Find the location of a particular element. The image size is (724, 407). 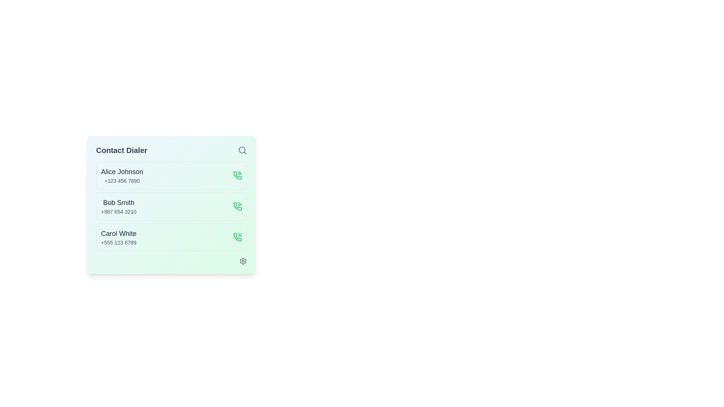

the phone call icon located at the far right of the third contact entry labeled 'Carol White +555 123 6789' to initiate a call is located at coordinates (237, 237).